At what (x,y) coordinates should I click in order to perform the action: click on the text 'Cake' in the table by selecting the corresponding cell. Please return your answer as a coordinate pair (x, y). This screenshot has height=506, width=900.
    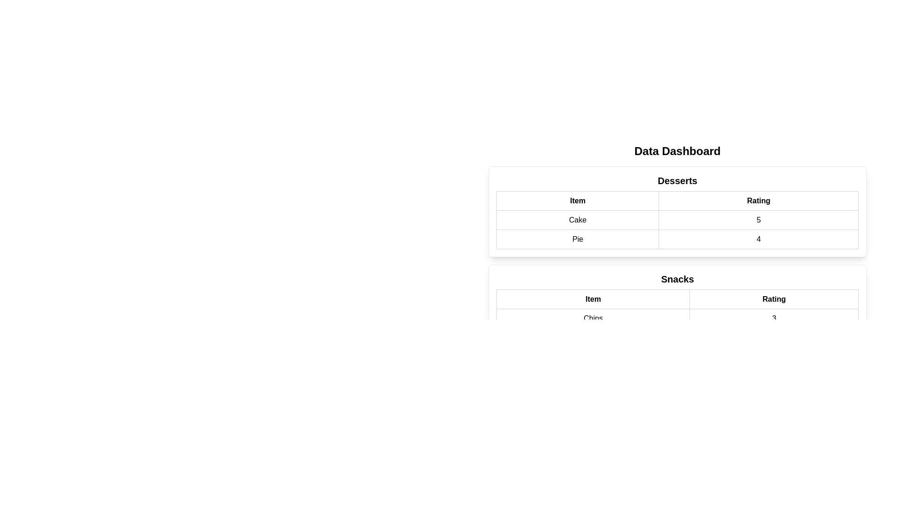
    Looking at the image, I should click on (577, 220).